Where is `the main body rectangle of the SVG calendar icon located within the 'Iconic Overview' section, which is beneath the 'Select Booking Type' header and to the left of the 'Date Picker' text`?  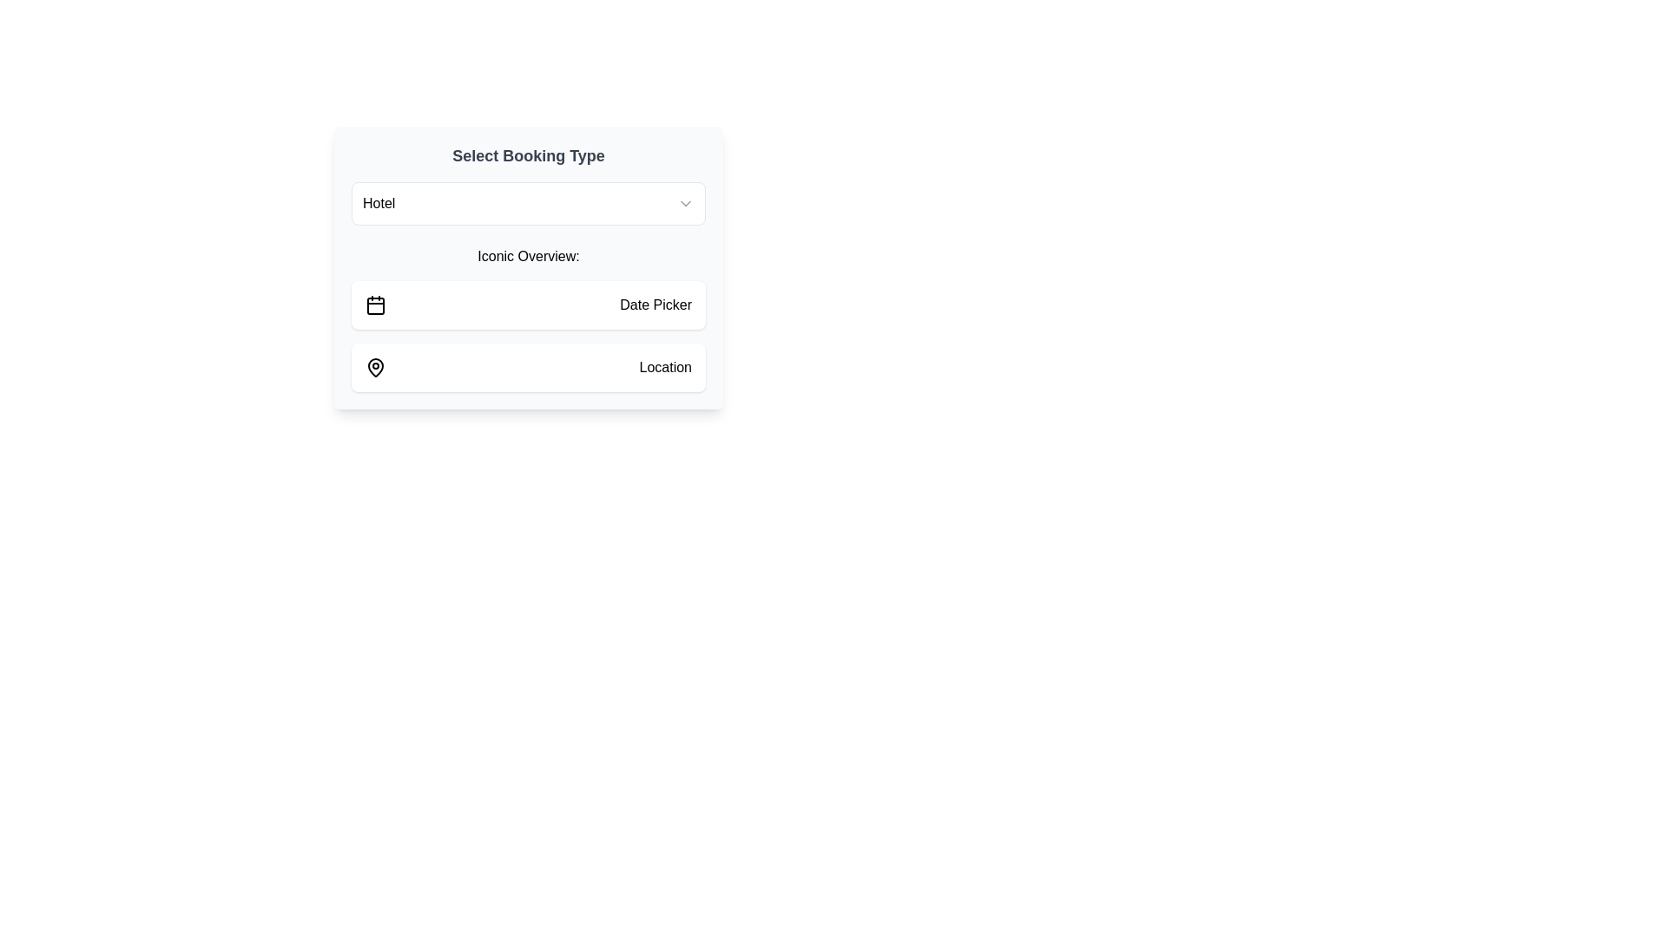
the main body rectangle of the SVG calendar icon located within the 'Iconic Overview' section, which is beneath the 'Select Booking Type' header and to the left of the 'Date Picker' text is located at coordinates (374, 305).